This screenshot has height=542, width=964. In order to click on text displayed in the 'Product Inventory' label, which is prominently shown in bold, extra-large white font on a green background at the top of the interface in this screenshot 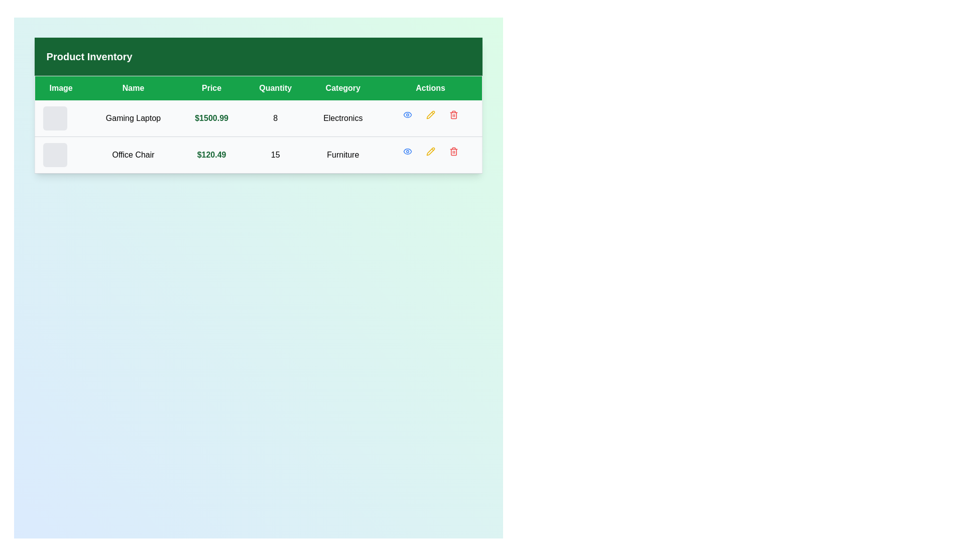, I will do `click(89, 56)`.